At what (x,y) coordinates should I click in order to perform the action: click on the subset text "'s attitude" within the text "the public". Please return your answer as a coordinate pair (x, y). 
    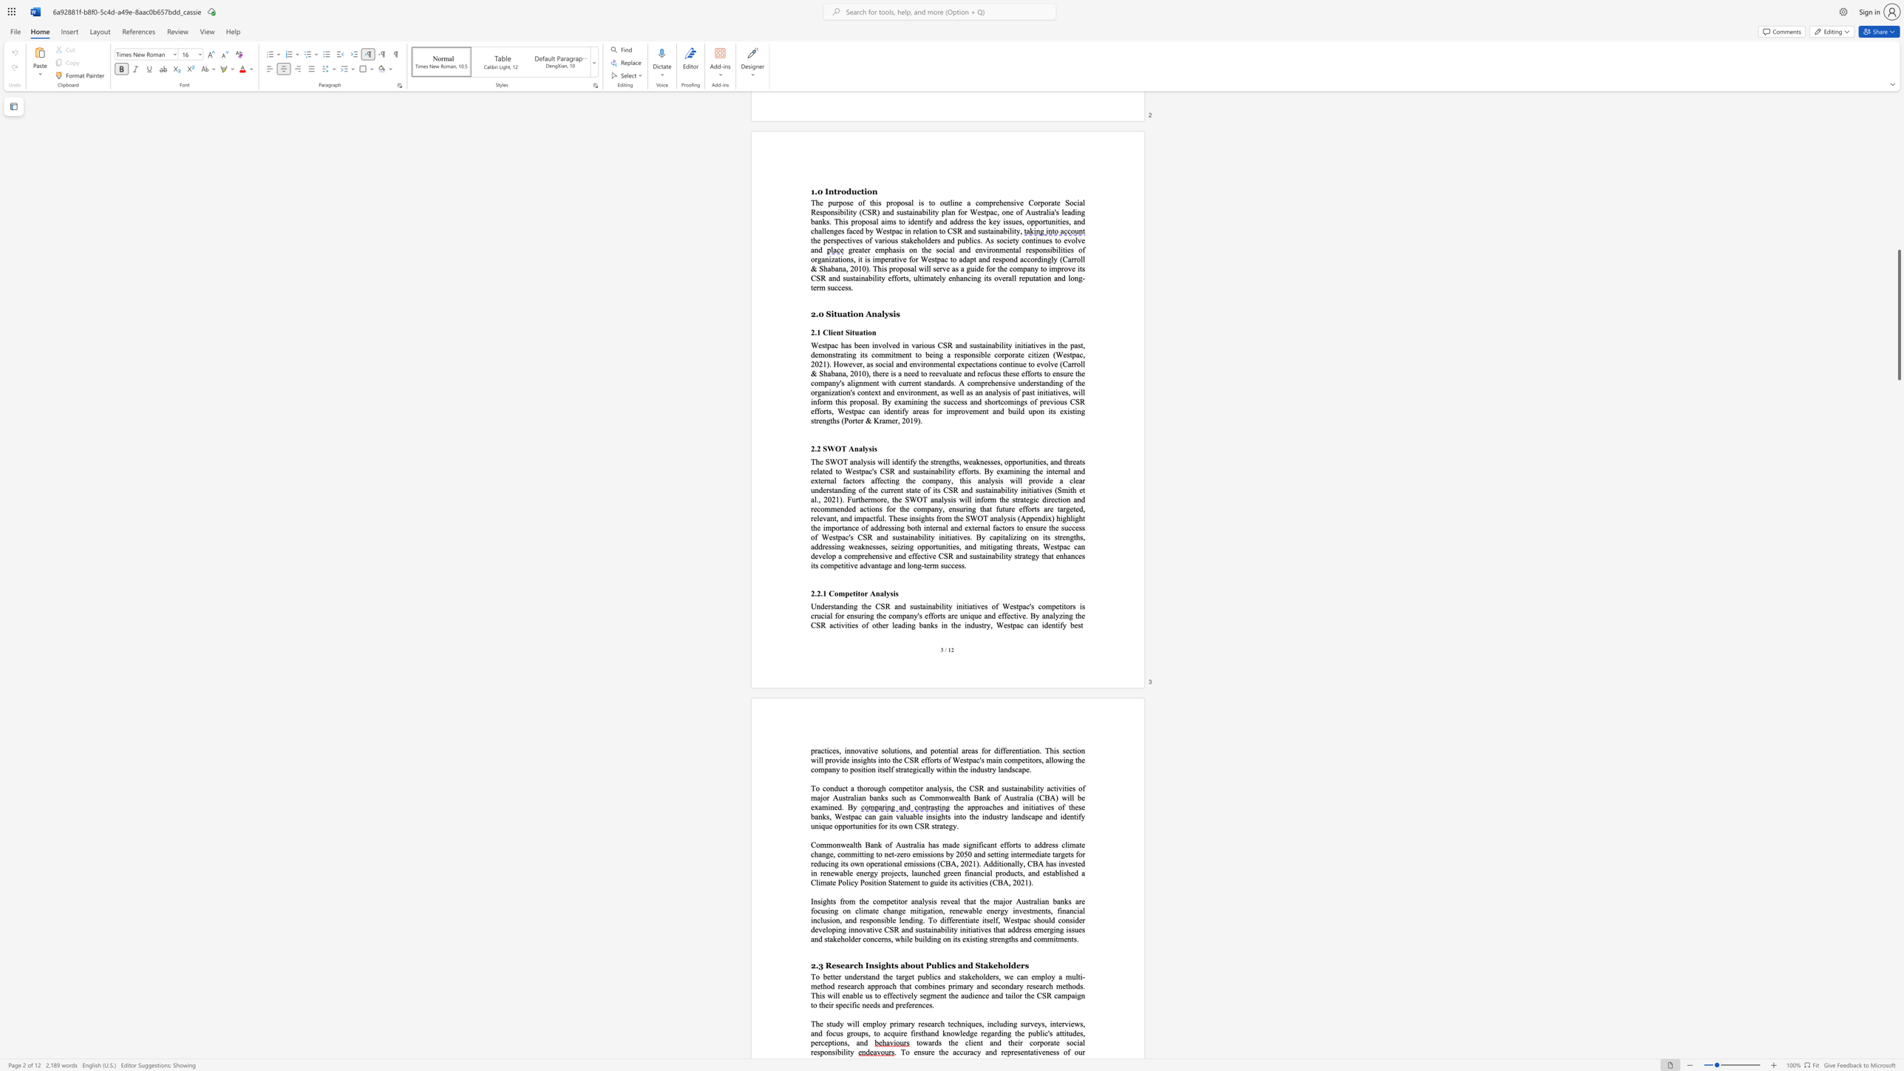
    Looking at the image, I should click on (1047, 1033).